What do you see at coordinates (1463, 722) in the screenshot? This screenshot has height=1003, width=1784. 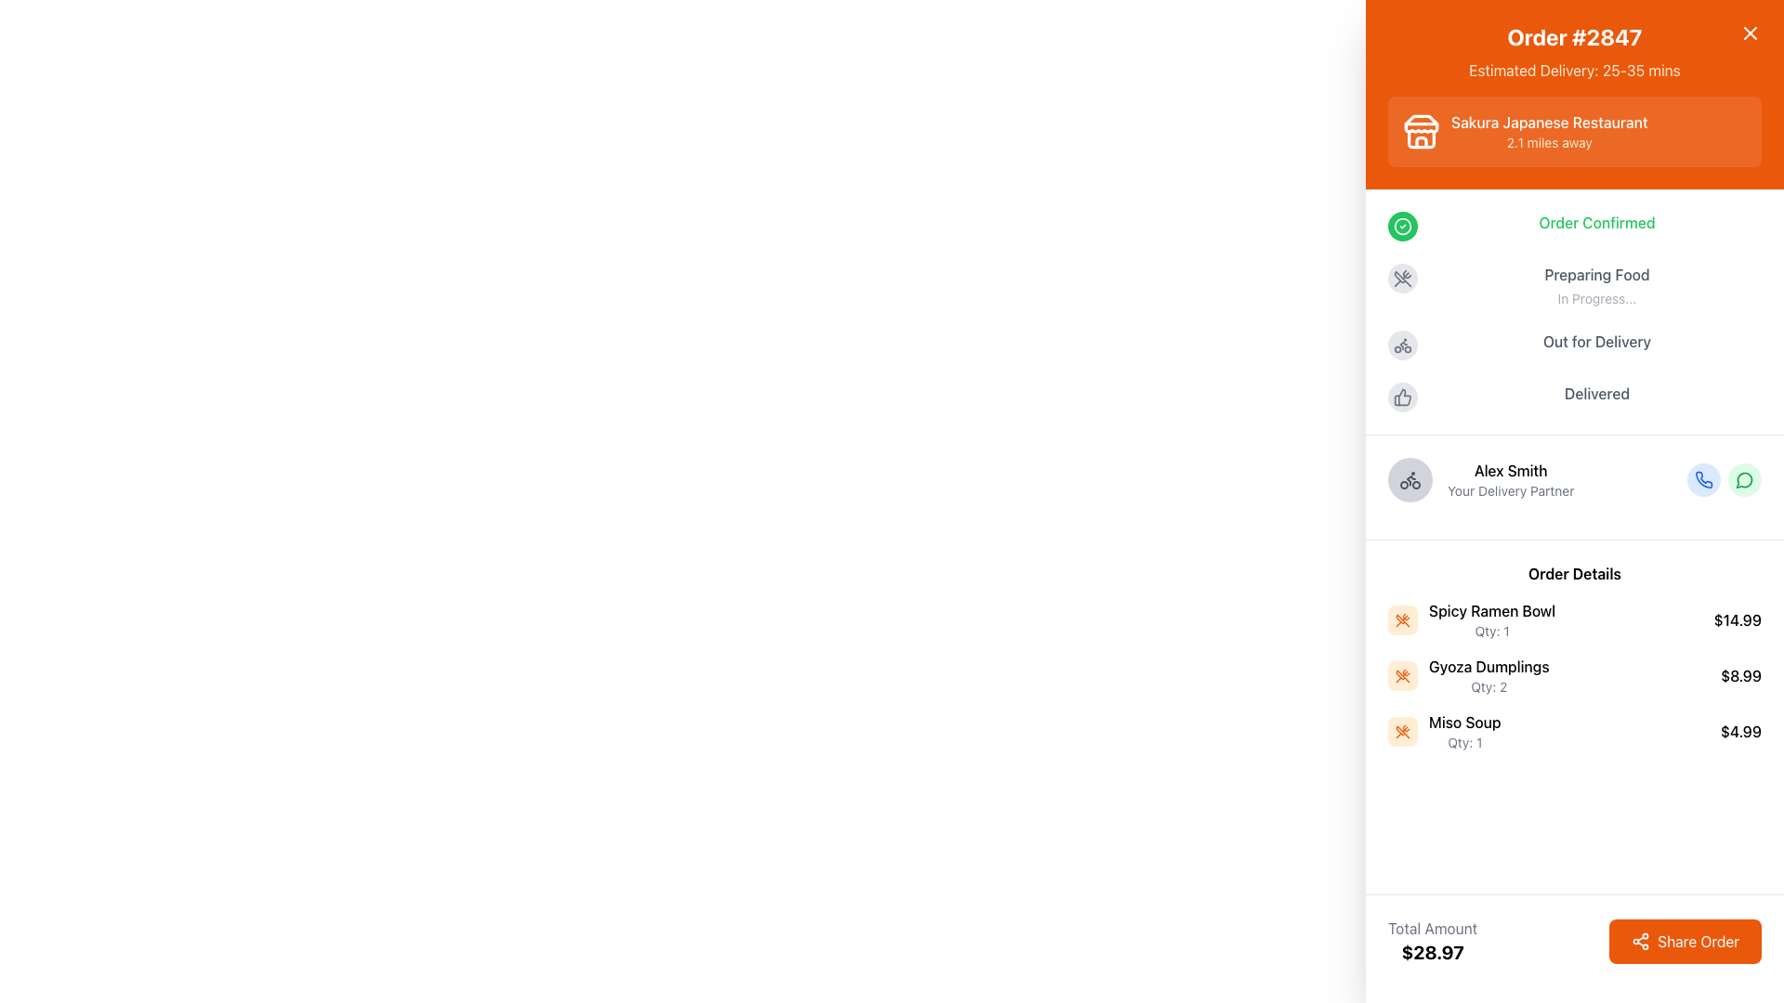 I see `the 'Miso Soup' text label which is styled with medium-weight typography and is part of the 'Order Details' section, positioned above the quantity information` at bounding box center [1463, 722].